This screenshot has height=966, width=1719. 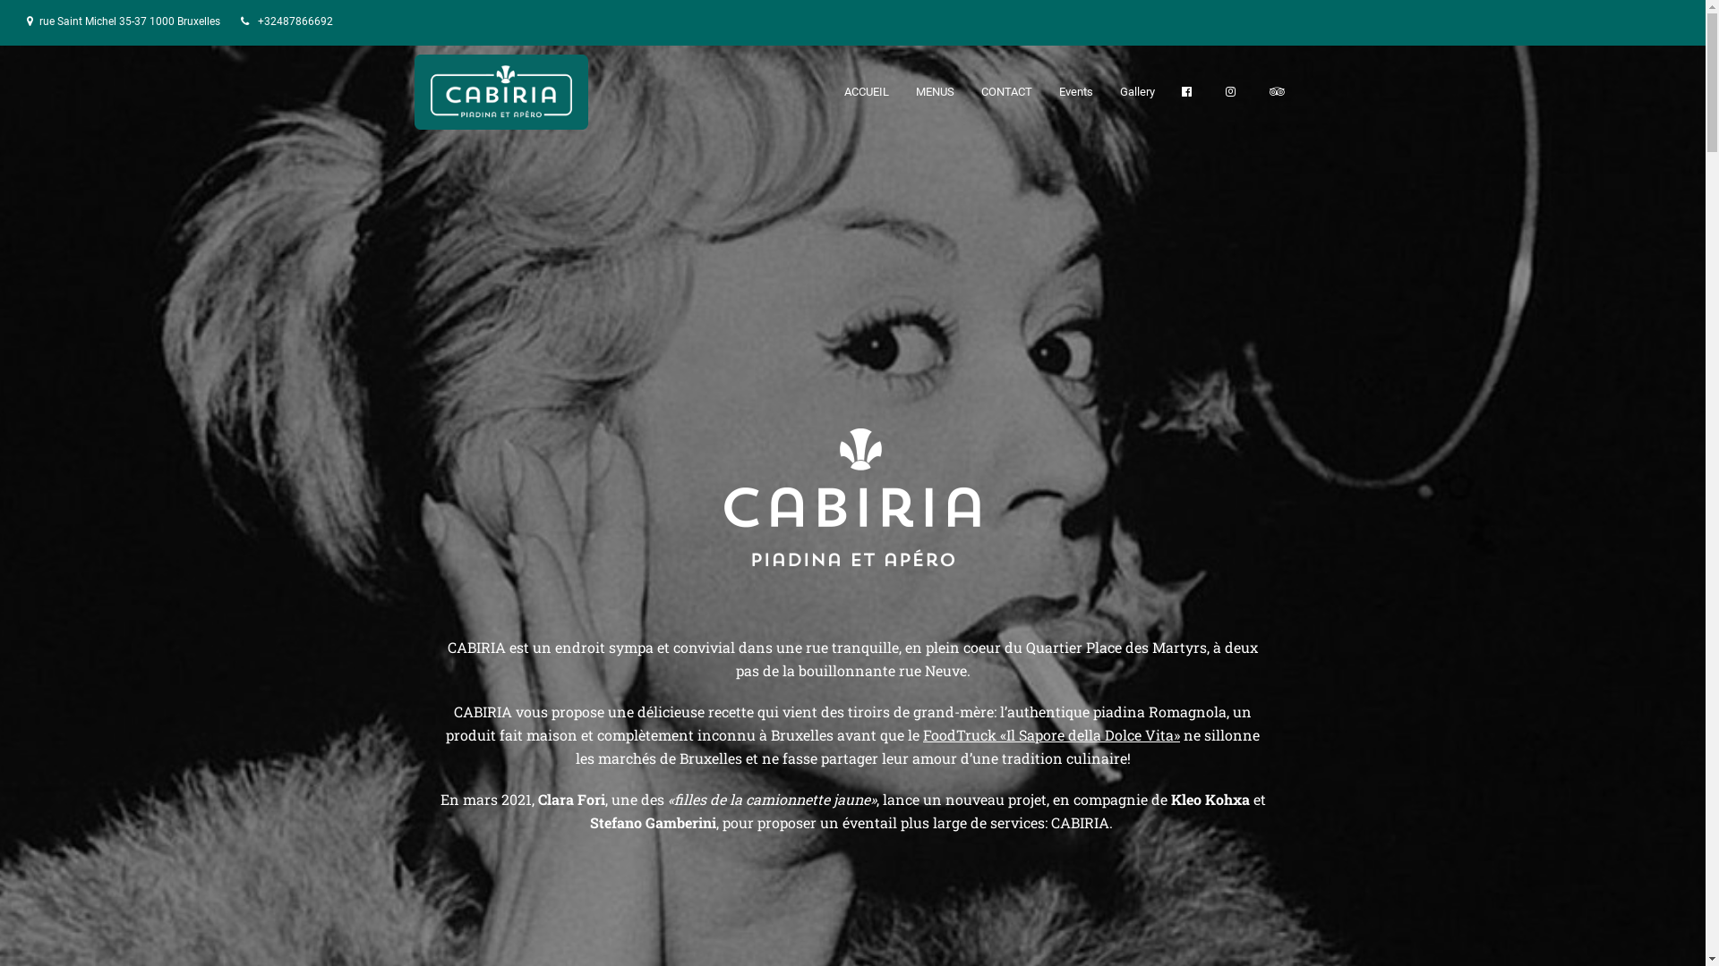 What do you see at coordinates (934, 92) in the screenshot?
I see `'MENUS'` at bounding box center [934, 92].